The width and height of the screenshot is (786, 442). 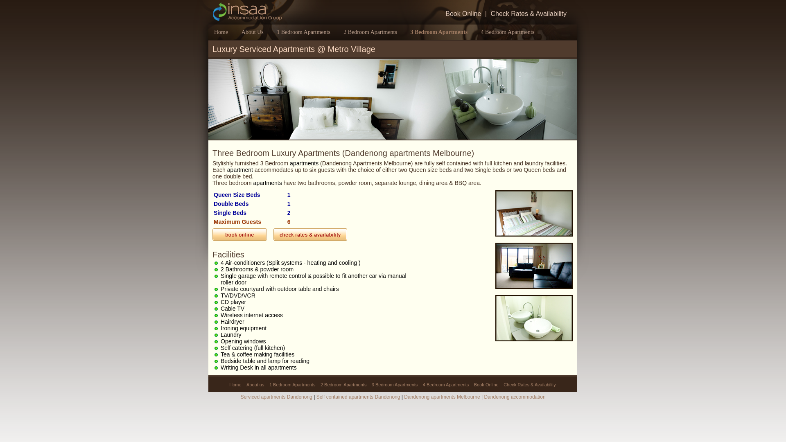 I want to click on 'Dandenong accommodation', so click(x=514, y=396).